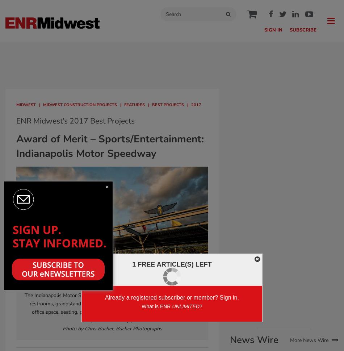  What do you see at coordinates (110, 146) in the screenshot?
I see `'Award of Merit – Sports/Entertainment: Indianapolis Motor Speedway'` at bounding box center [110, 146].